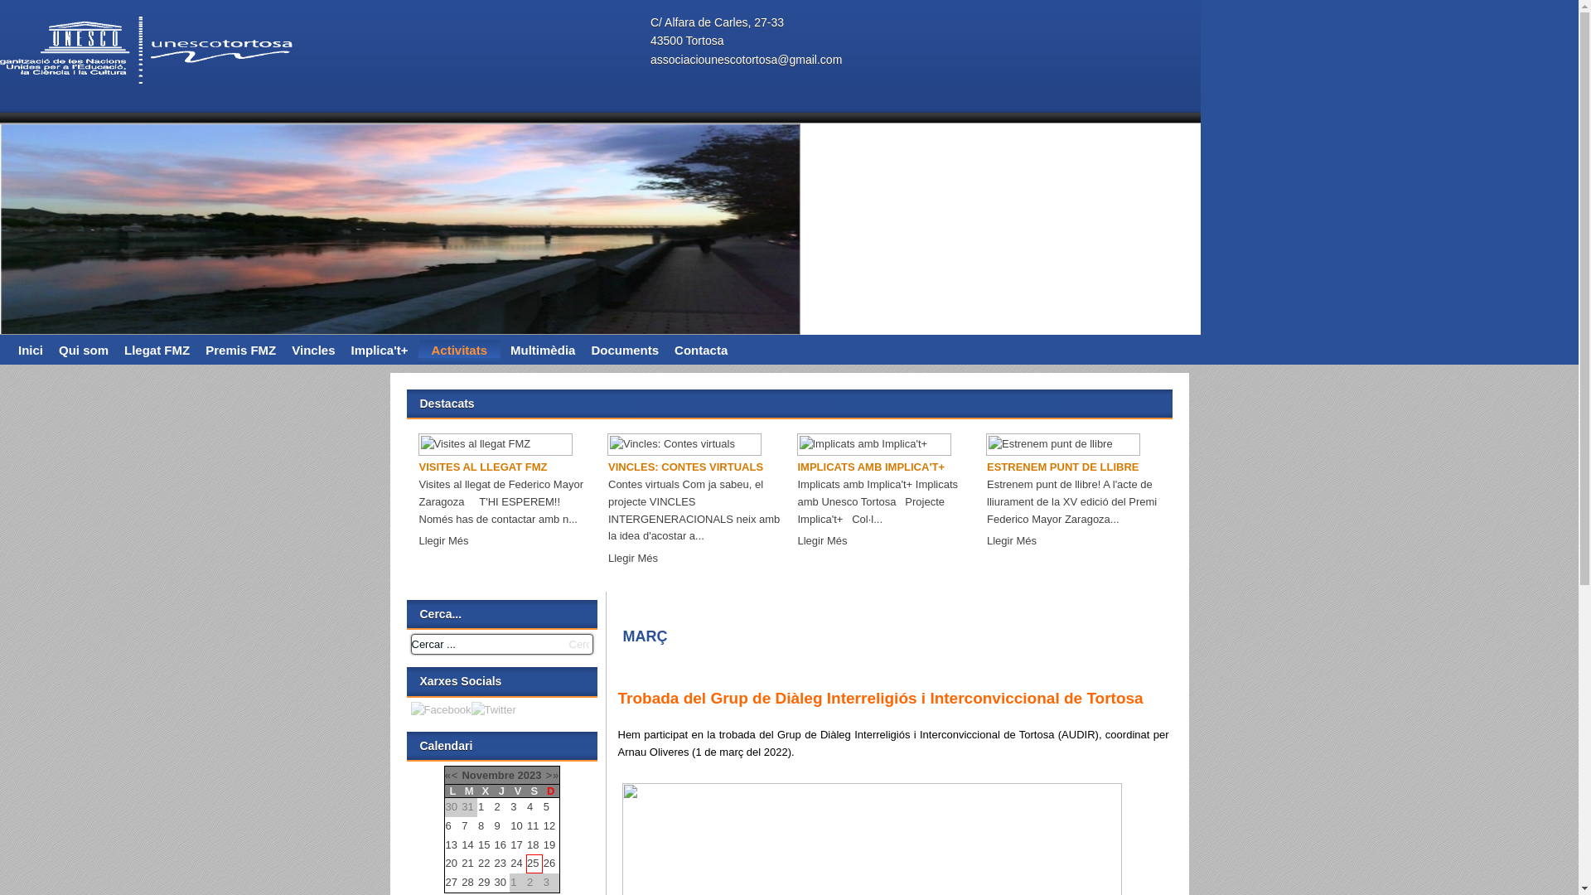 The height and width of the screenshot is (895, 1591). I want to click on 'Vincles: Contes virtuals', so click(684, 443).